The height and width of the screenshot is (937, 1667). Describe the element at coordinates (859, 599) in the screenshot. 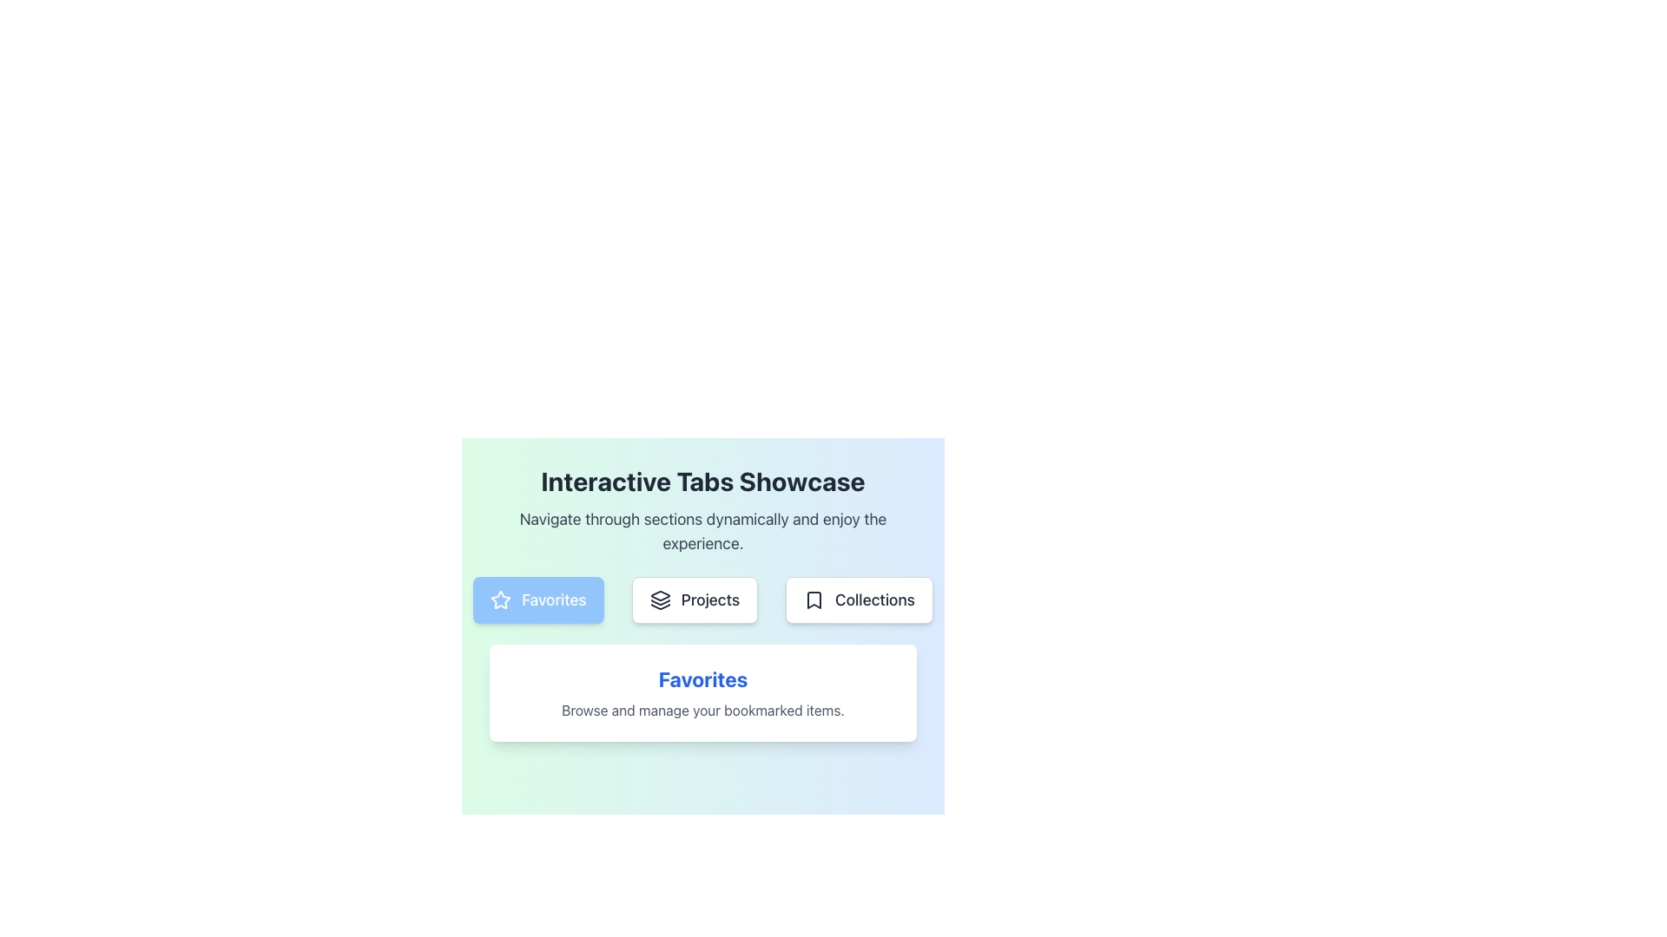

I see `the third tab button in the tabbed interface` at that location.